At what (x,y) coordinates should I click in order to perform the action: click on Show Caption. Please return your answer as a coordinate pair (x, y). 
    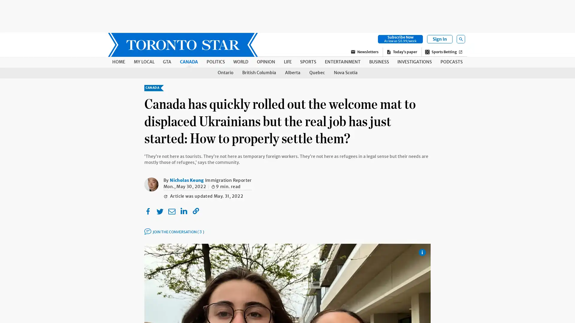
    Looking at the image, I should click on (422, 252).